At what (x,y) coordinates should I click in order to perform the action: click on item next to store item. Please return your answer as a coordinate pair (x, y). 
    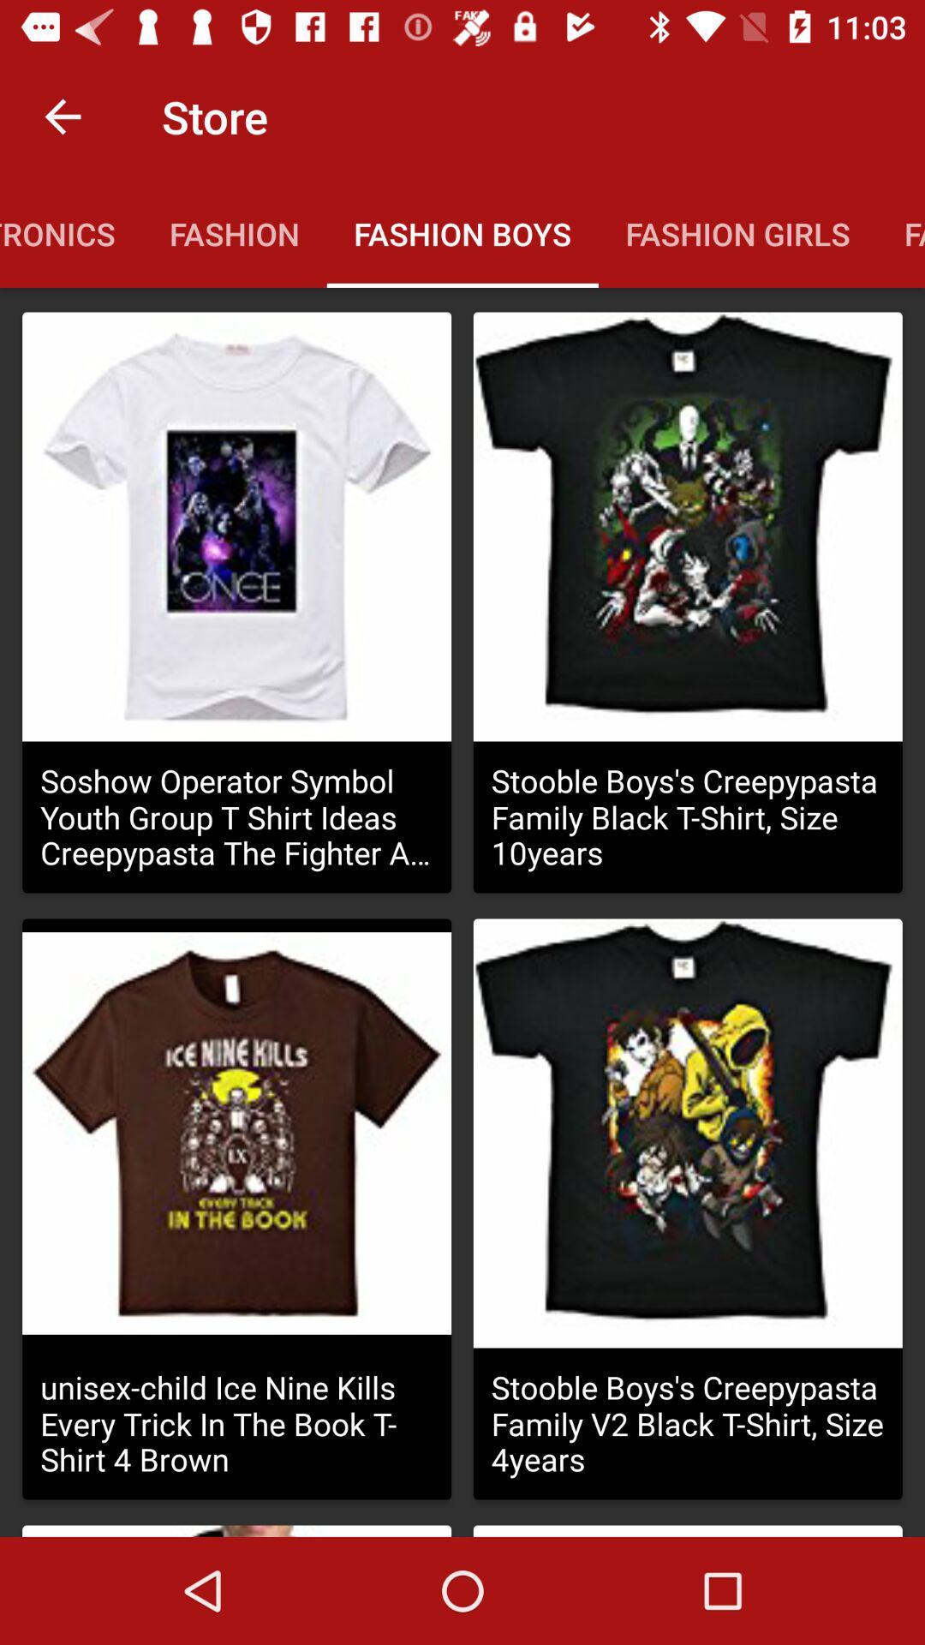
    Looking at the image, I should click on (62, 116).